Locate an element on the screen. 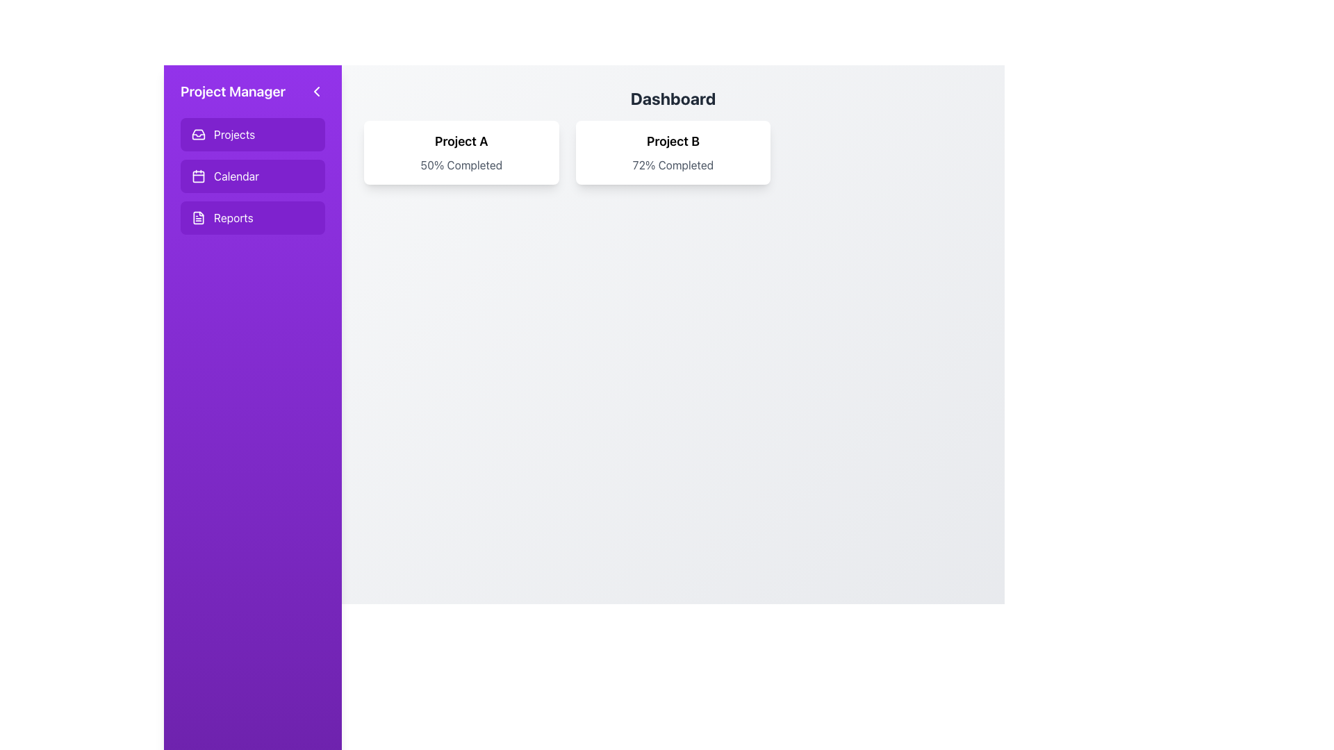 Image resolution: width=1334 pixels, height=750 pixels. the document or file outline icon located in the 'Reports' section of the sidebar menu, which is the first graphical element under the 'Reports' navigation item is located at coordinates (198, 217).